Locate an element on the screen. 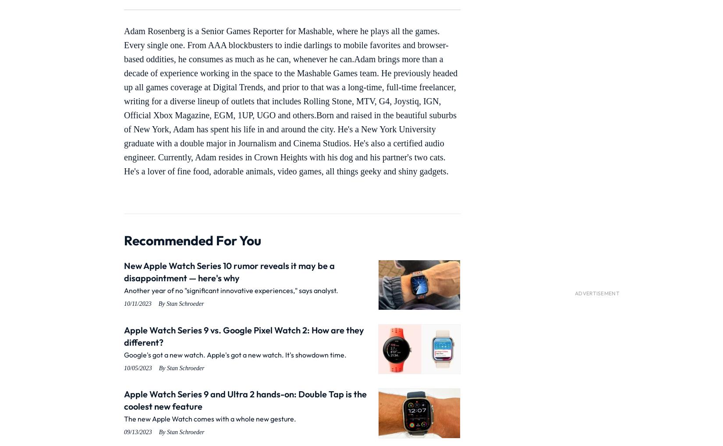 The image size is (723, 446). 'Recommended For You' is located at coordinates (192, 240).